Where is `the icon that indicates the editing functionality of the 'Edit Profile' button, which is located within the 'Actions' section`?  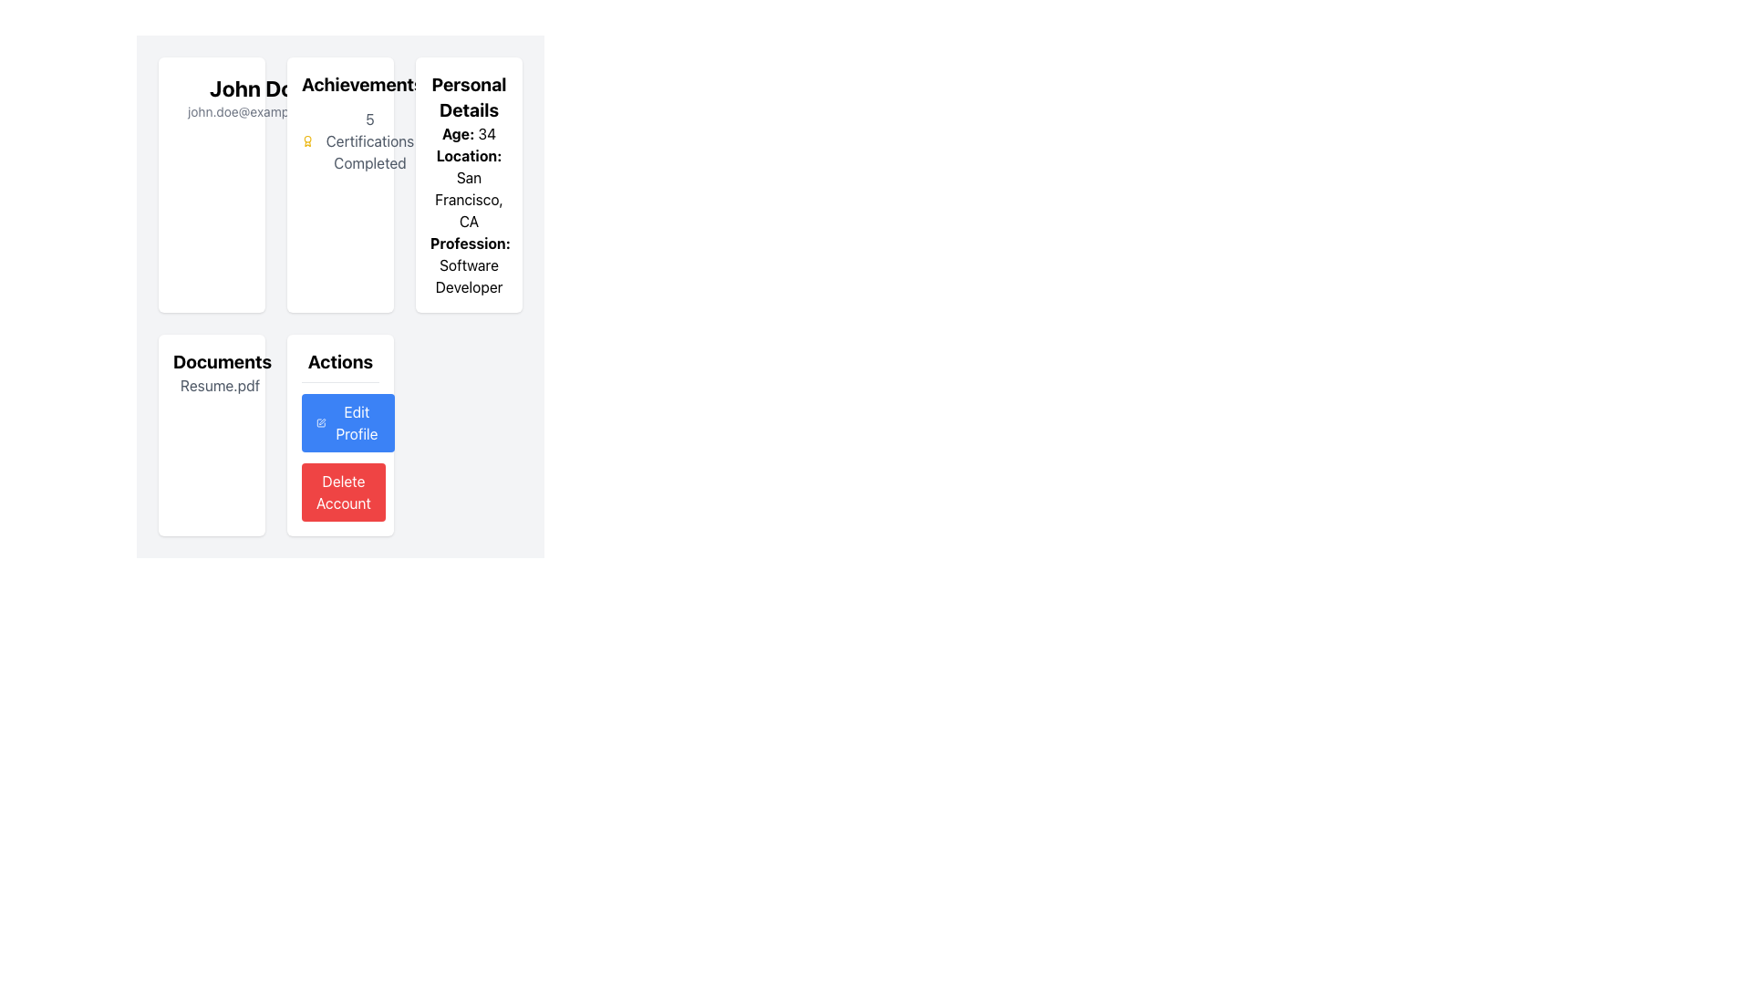 the icon that indicates the editing functionality of the 'Edit Profile' button, which is located within the 'Actions' section is located at coordinates (321, 422).